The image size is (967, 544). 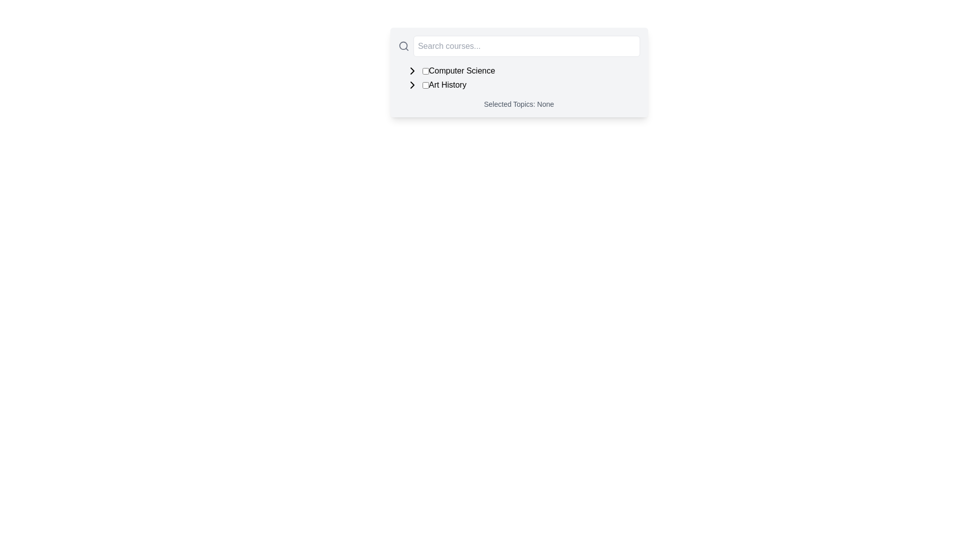 What do you see at coordinates (403, 46) in the screenshot?
I see `the search icon, which is a magnifying glass with a circular lens and an extended handle, located at the leftmost segment of the layout near the text input field labeled 'Search courses...'` at bounding box center [403, 46].